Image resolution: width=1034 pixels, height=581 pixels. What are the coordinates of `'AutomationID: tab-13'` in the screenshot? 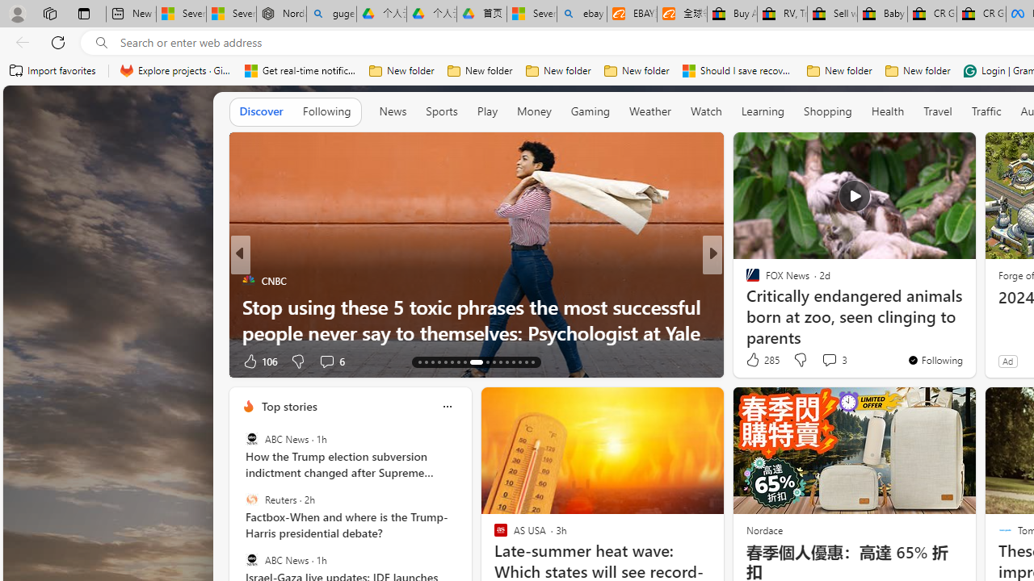 It's located at (419, 361).